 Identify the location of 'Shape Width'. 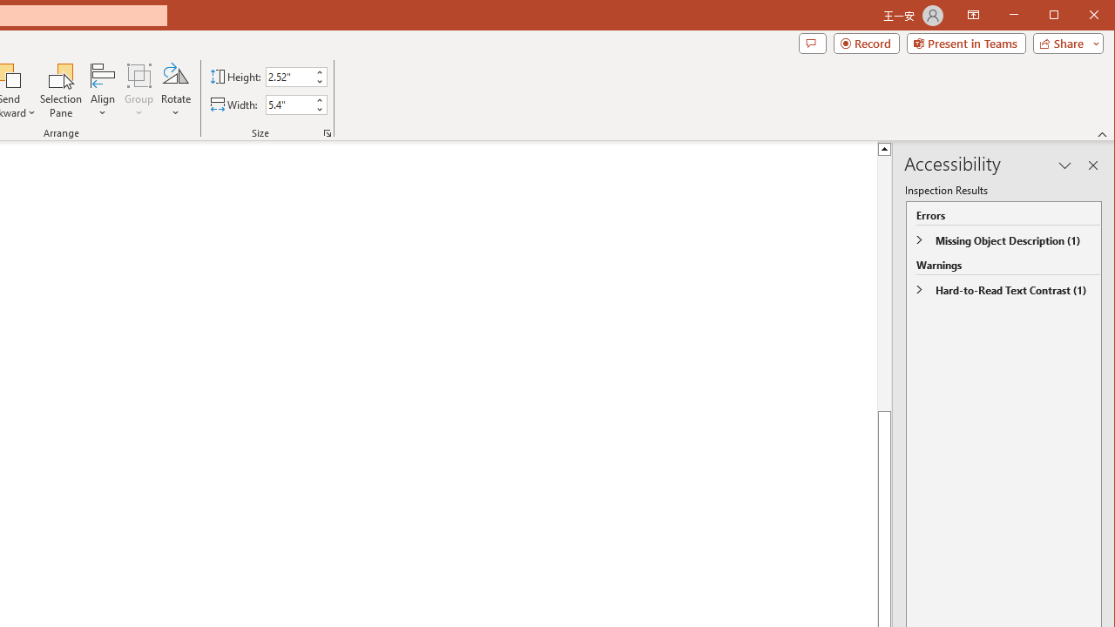
(289, 104).